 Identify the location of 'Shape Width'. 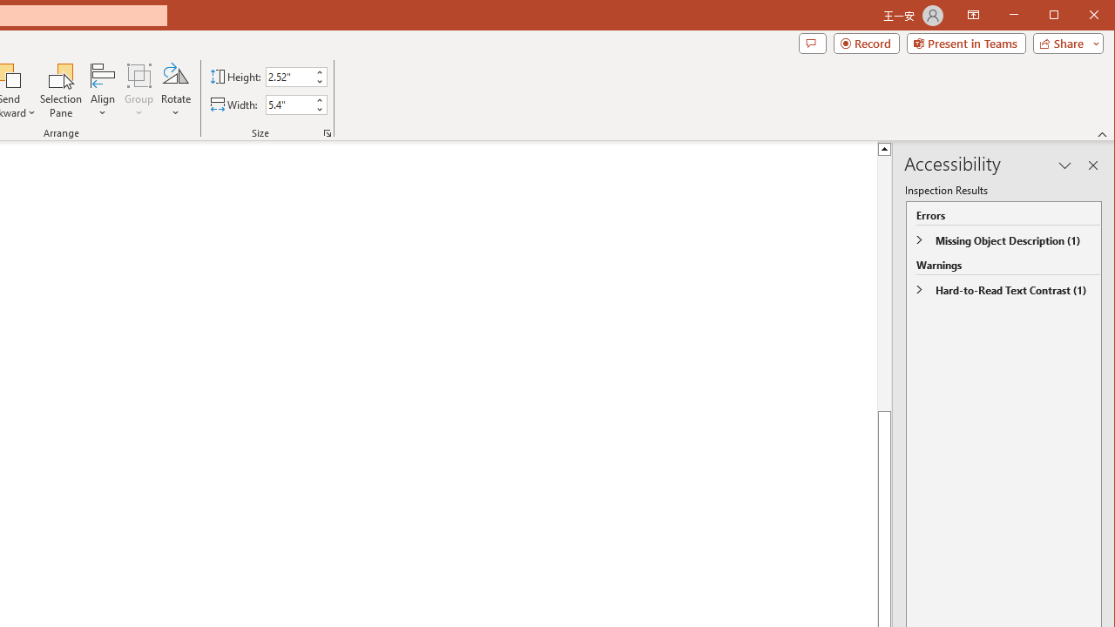
(289, 104).